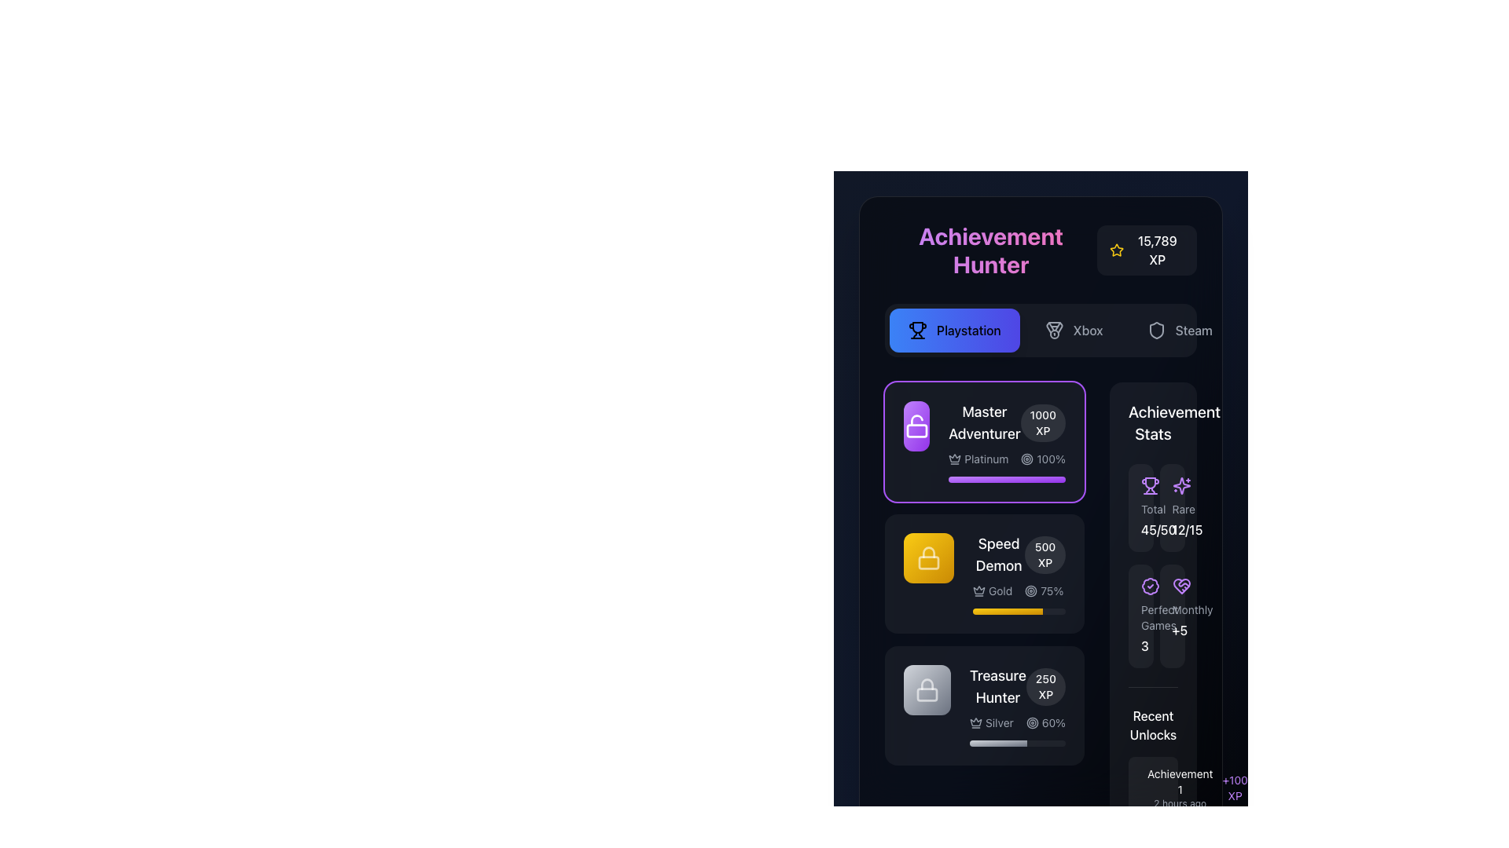 This screenshot has height=848, width=1509. Describe the element at coordinates (1073, 329) in the screenshot. I see `the rectangular button labeled 'xbox' with a medal icon` at that location.